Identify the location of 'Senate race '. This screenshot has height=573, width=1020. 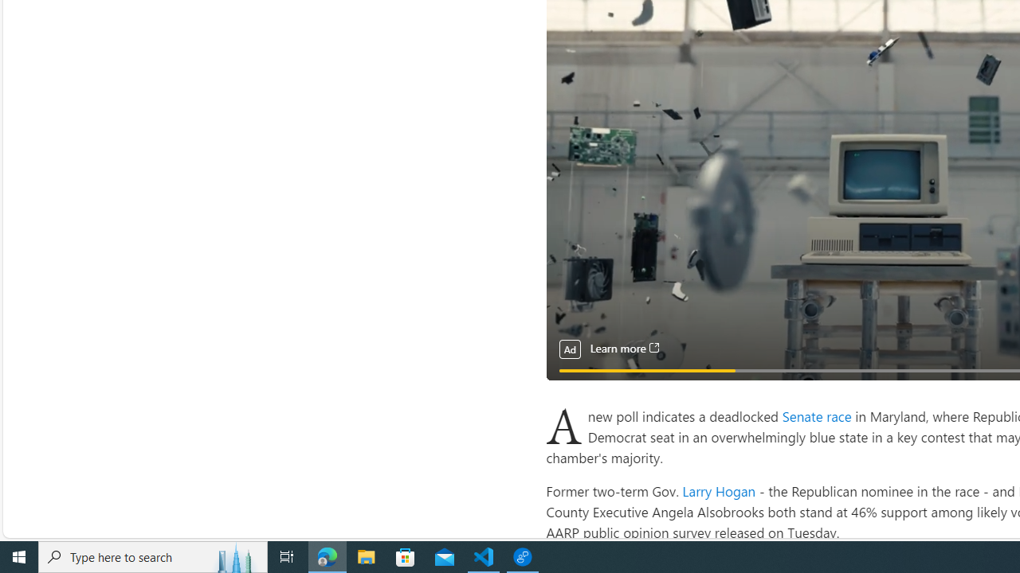
(818, 415).